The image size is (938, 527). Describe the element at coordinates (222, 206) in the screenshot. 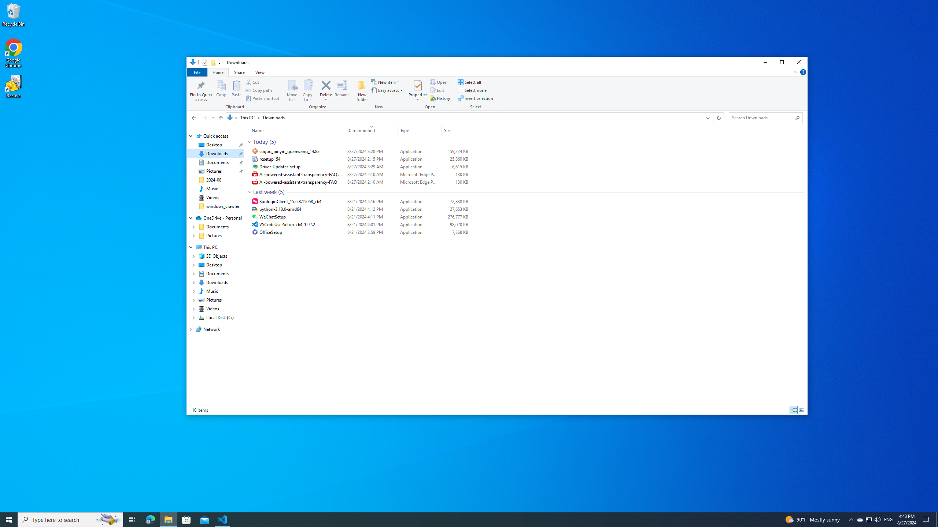

I see `'windows_crawler'` at that location.